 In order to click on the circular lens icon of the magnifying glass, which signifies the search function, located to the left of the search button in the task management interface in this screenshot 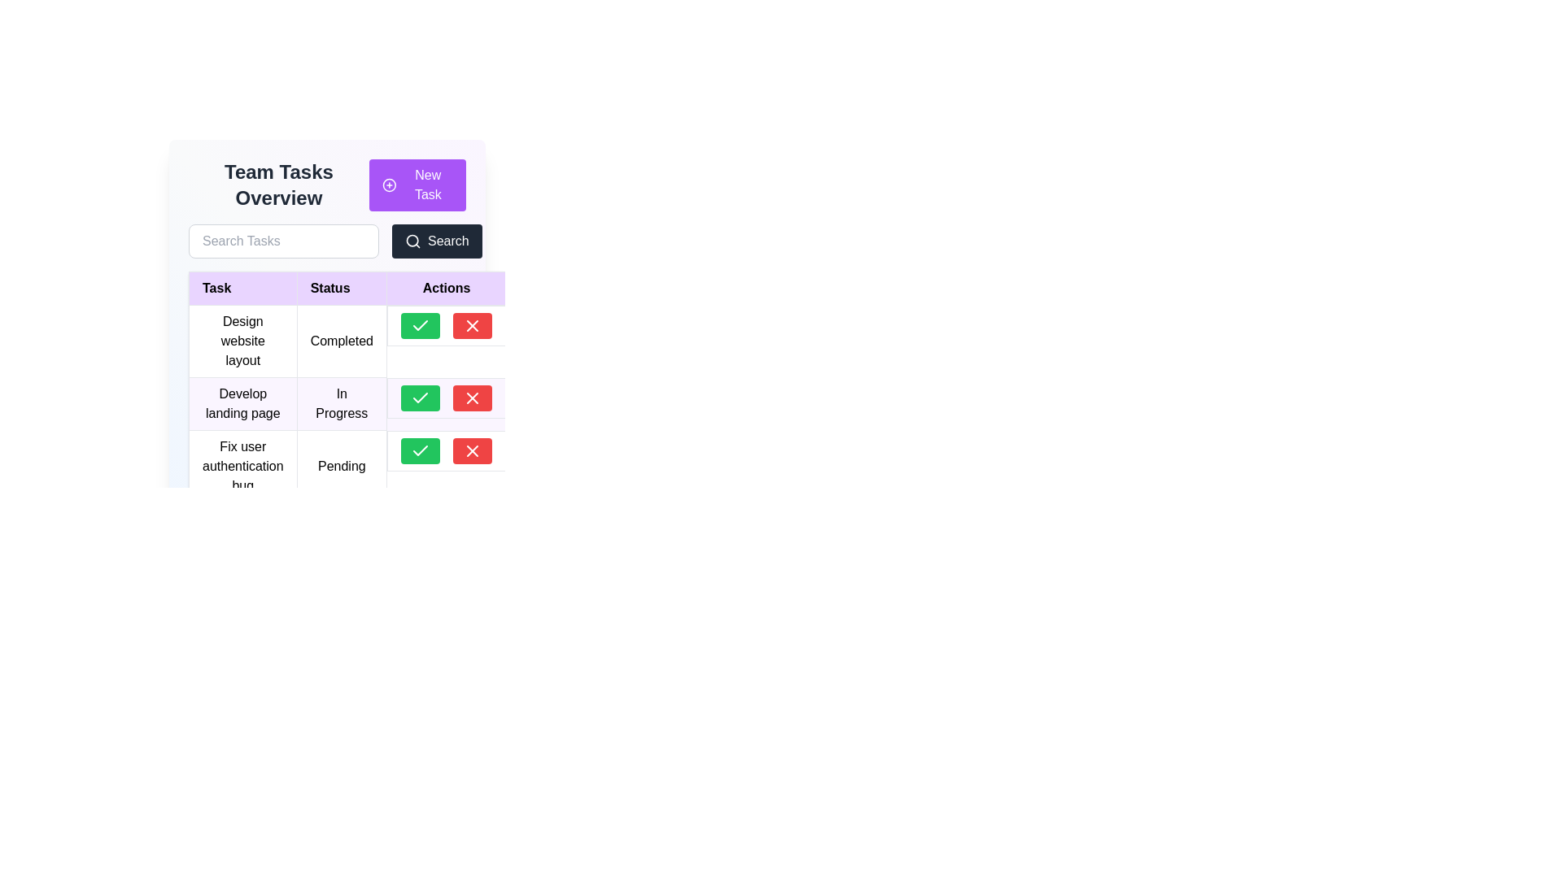, I will do `click(412, 241)`.